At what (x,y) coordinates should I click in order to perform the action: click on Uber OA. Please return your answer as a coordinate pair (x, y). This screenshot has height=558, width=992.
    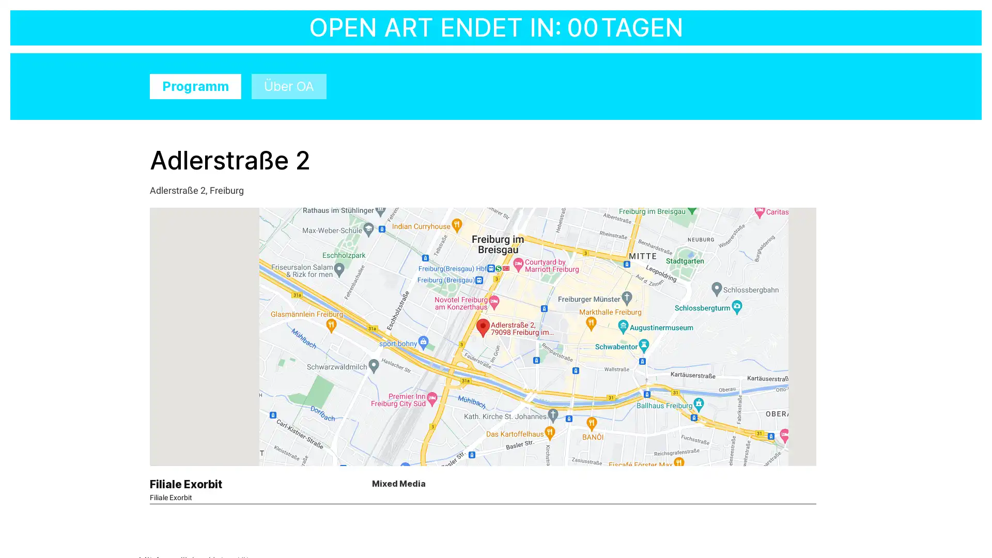
    Looking at the image, I should click on (289, 86).